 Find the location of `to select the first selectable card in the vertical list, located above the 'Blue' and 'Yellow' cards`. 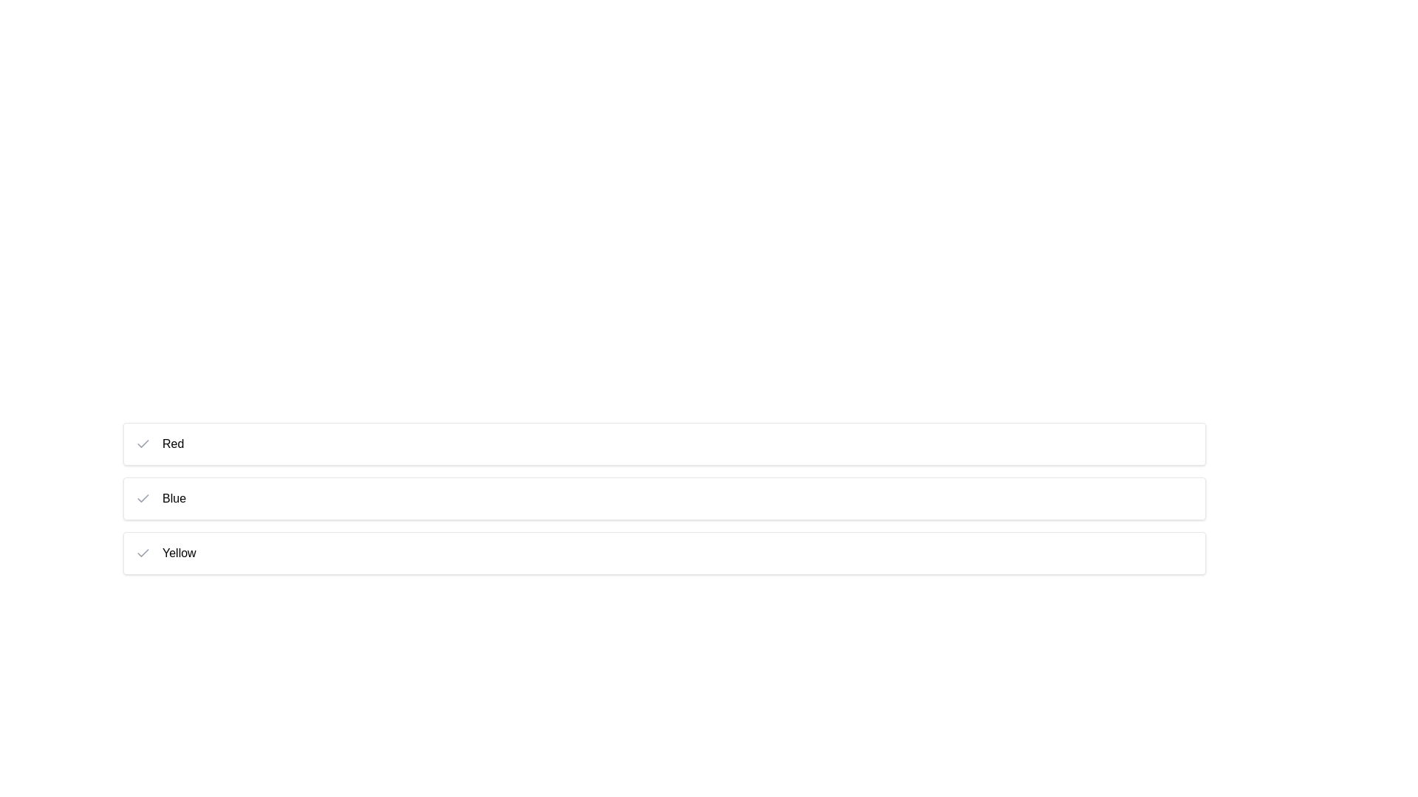

to select the first selectable card in the vertical list, located above the 'Blue' and 'Yellow' cards is located at coordinates (664, 443).